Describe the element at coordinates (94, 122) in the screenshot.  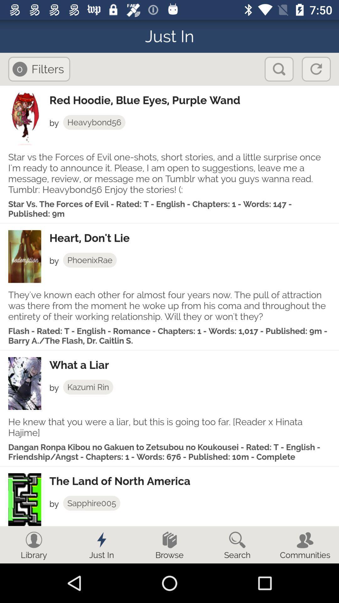
I see `heavybond56 item` at that location.